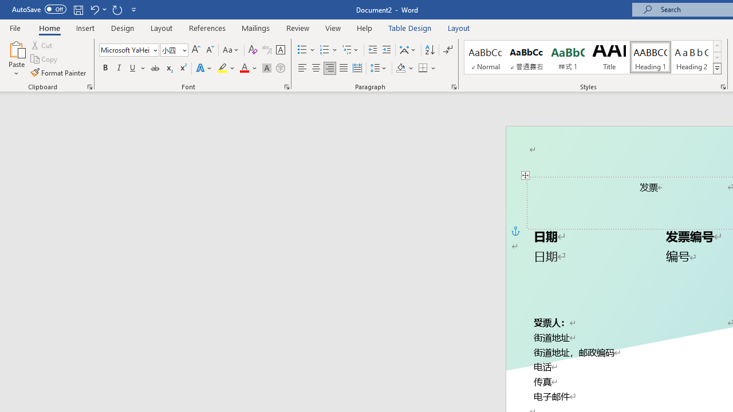 The image size is (733, 412). I want to click on 'Phonetic Guide...', so click(266, 49).